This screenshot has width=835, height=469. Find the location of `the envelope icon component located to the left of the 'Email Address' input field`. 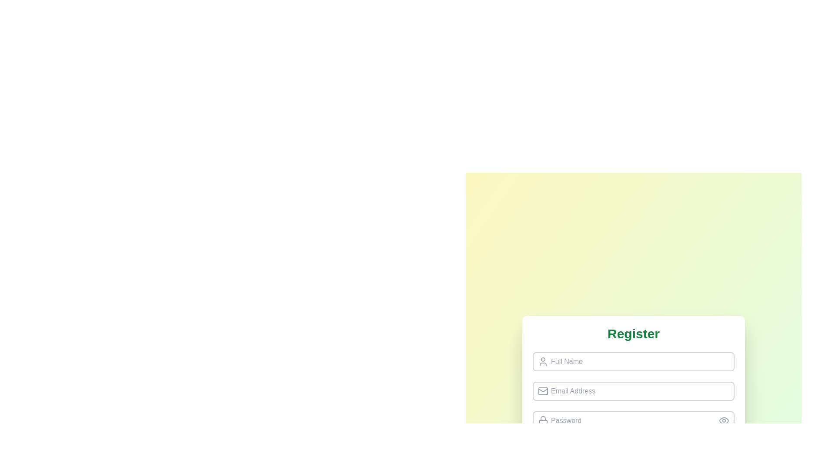

the envelope icon component located to the left of the 'Email Address' input field is located at coordinates (542, 390).